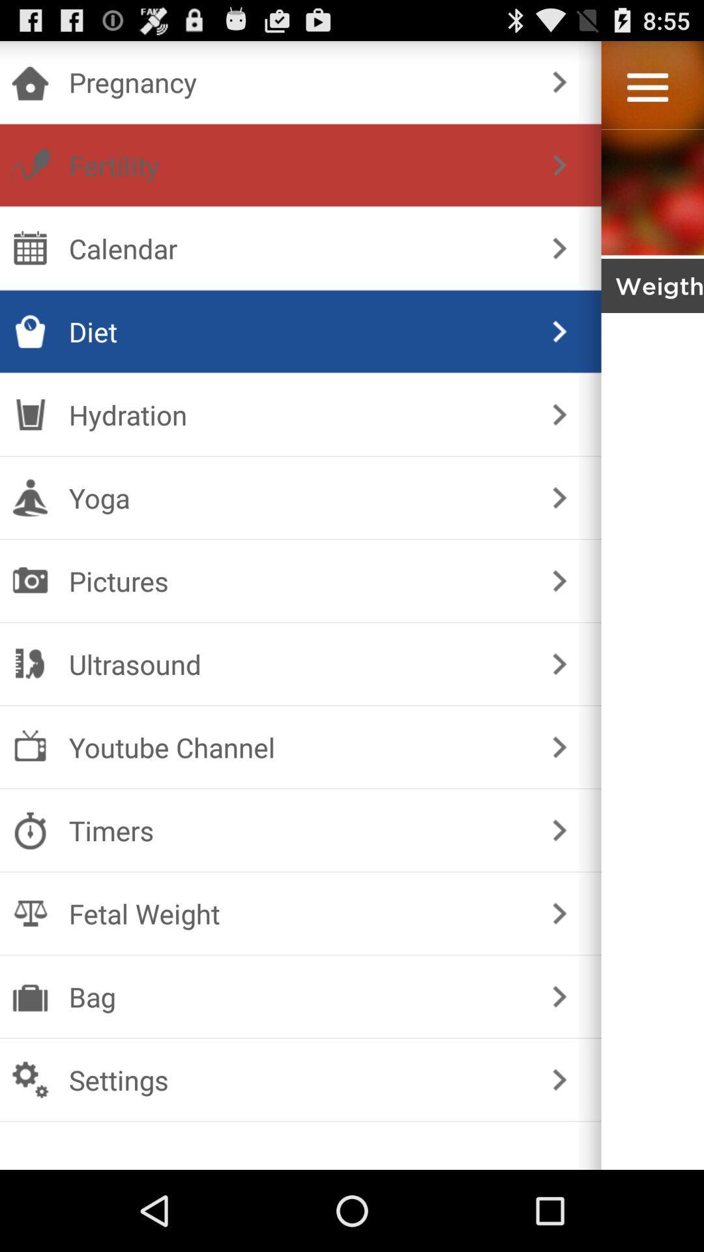 This screenshot has height=1252, width=704. What do you see at coordinates (298, 81) in the screenshot?
I see `the pregnancy` at bounding box center [298, 81].